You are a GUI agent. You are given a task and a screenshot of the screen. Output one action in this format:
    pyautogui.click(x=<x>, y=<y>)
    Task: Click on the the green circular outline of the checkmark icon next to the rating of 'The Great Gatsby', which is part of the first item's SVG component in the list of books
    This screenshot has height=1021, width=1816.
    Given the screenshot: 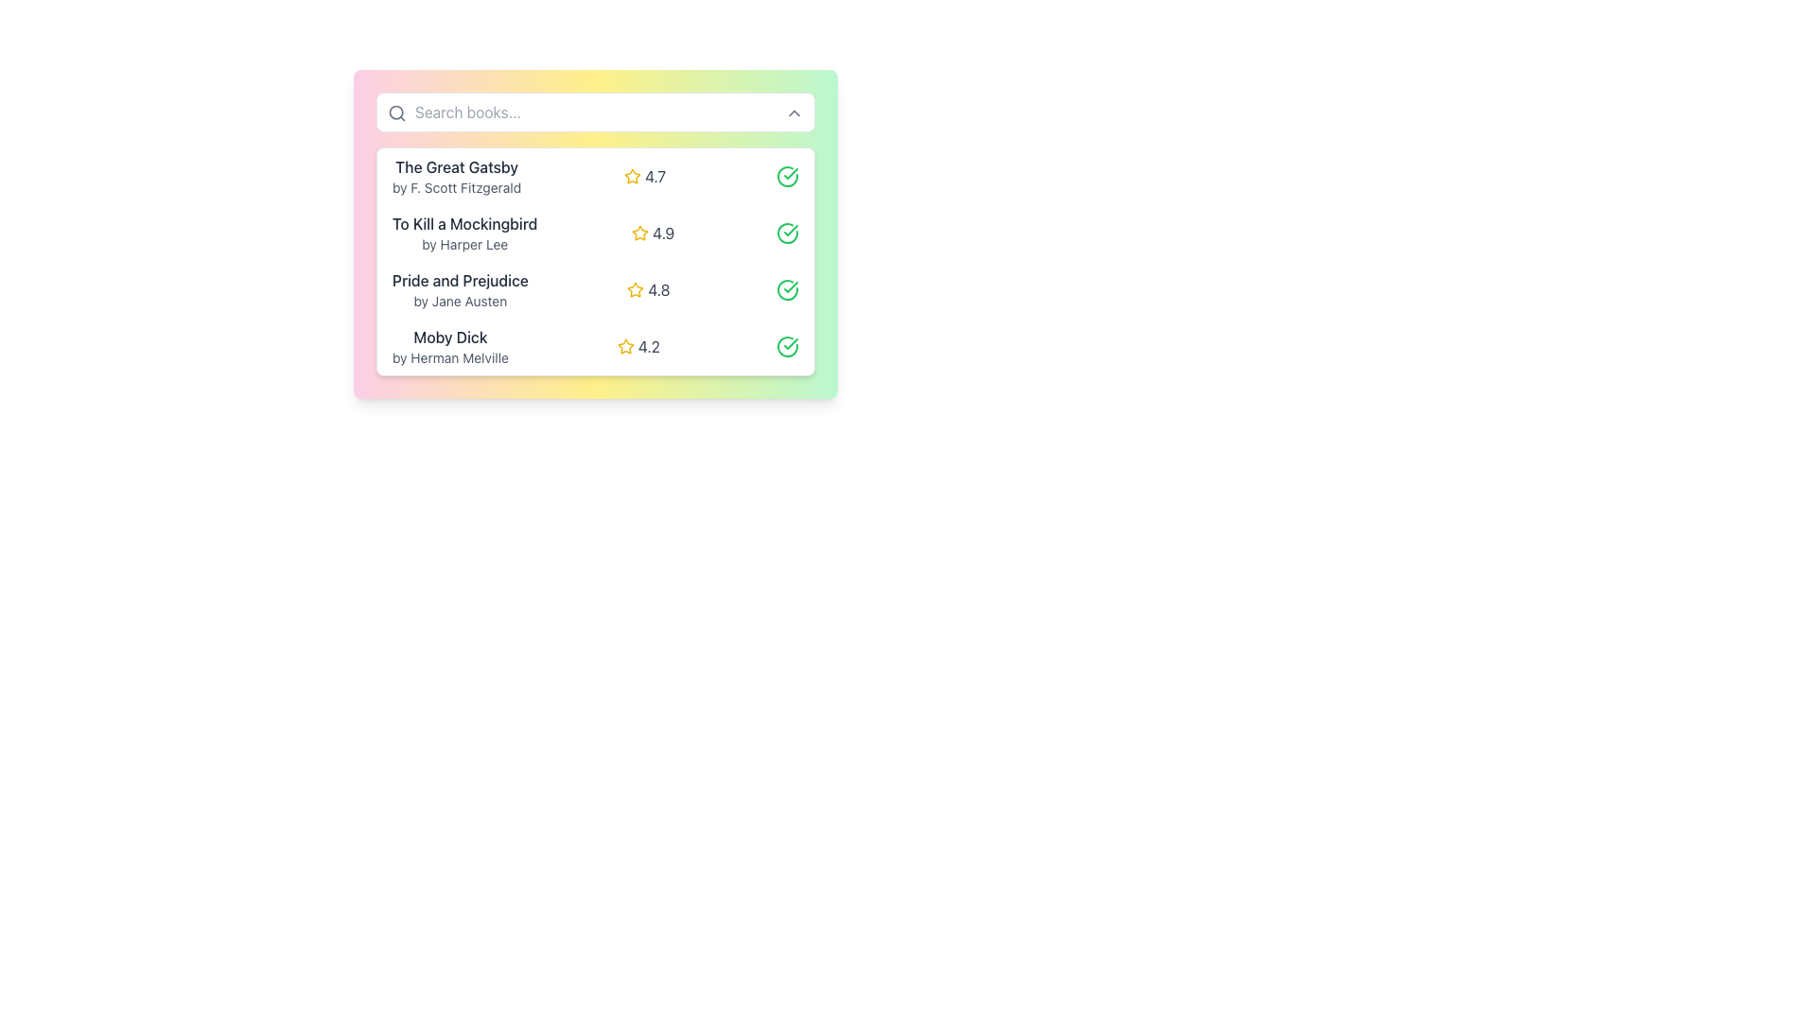 What is the action you would take?
    pyautogui.click(x=788, y=176)
    